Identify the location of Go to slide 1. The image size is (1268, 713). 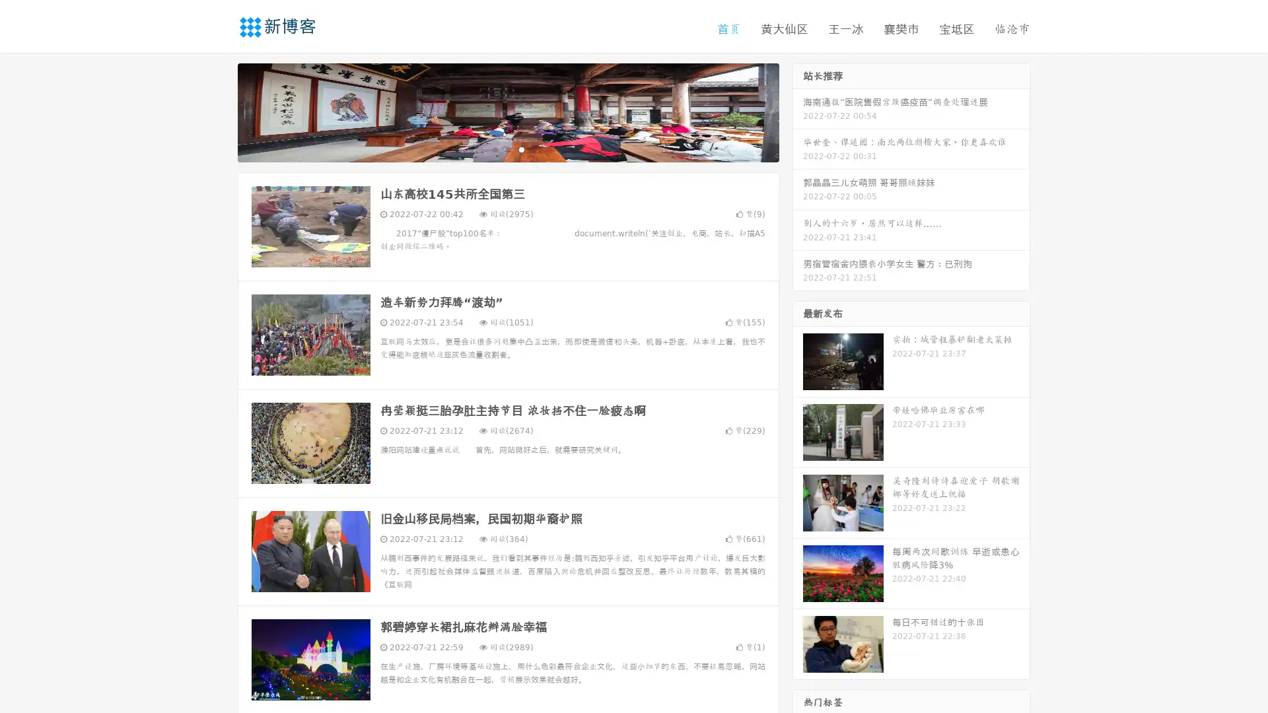
(494, 149).